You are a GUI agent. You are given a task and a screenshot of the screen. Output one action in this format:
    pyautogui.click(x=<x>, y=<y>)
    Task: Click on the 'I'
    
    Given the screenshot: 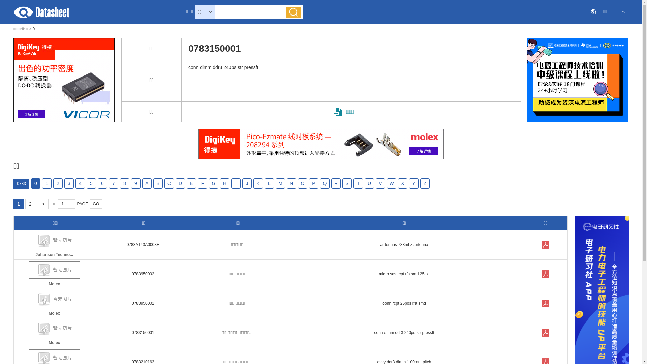 What is the action you would take?
    pyautogui.click(x=236, y=183)
    